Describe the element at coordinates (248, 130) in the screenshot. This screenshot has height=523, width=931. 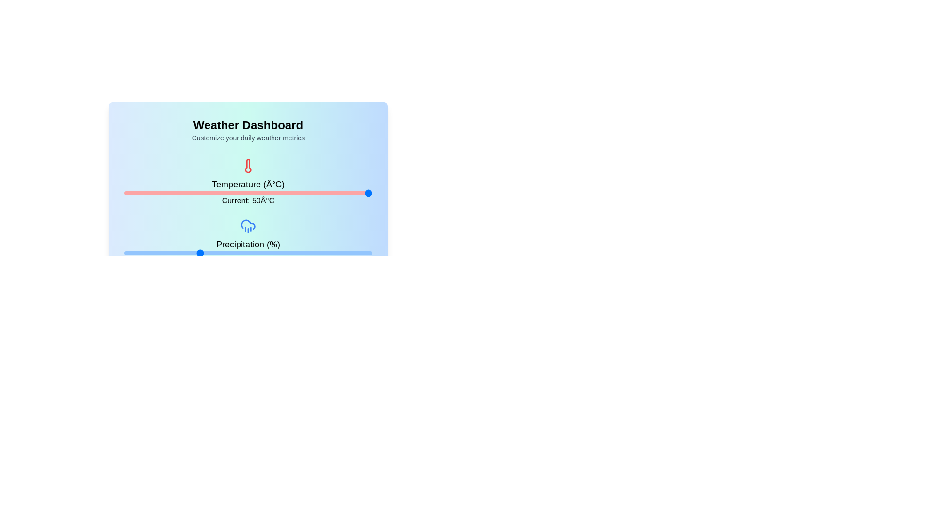
I see `heading 'Weather Dashboard' and the description 'Customize your daily weather metrics' from the informational header located at the top of the weather dashboard` at that location.